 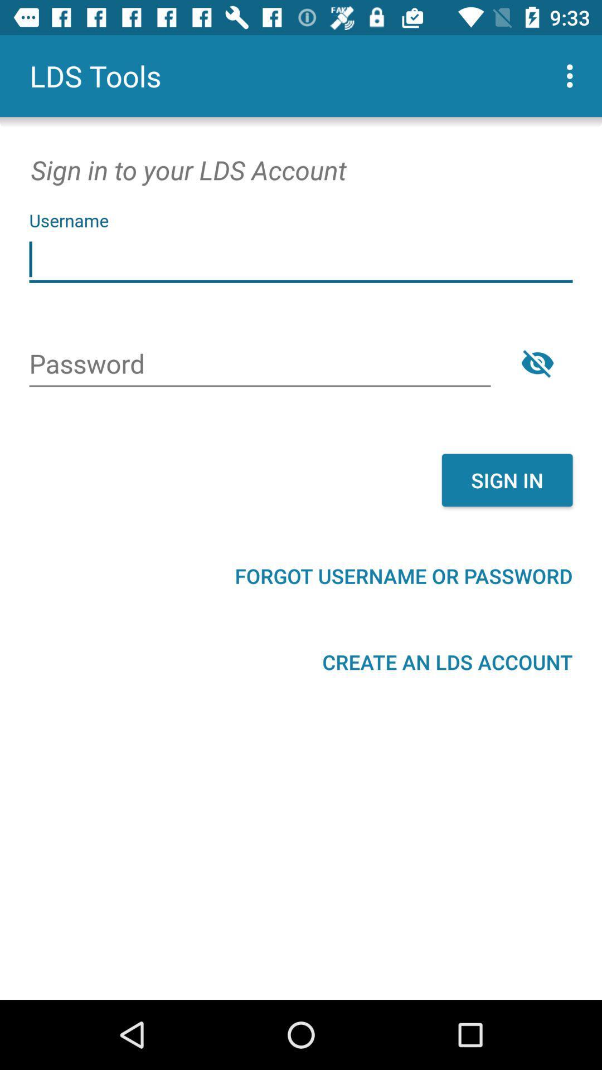 What do you see at coordinates (537, 363) in the screenshot?
I see `password` at bounding box center [537, 363].